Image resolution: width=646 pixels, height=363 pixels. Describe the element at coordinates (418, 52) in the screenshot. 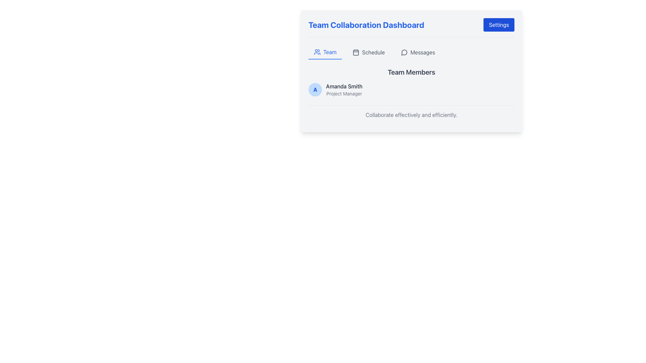

I see `the 'Messages' button, which is the third clickable item among 'Team', 'Schedule', and 'Messages' located near the top center of the interface` at that location.